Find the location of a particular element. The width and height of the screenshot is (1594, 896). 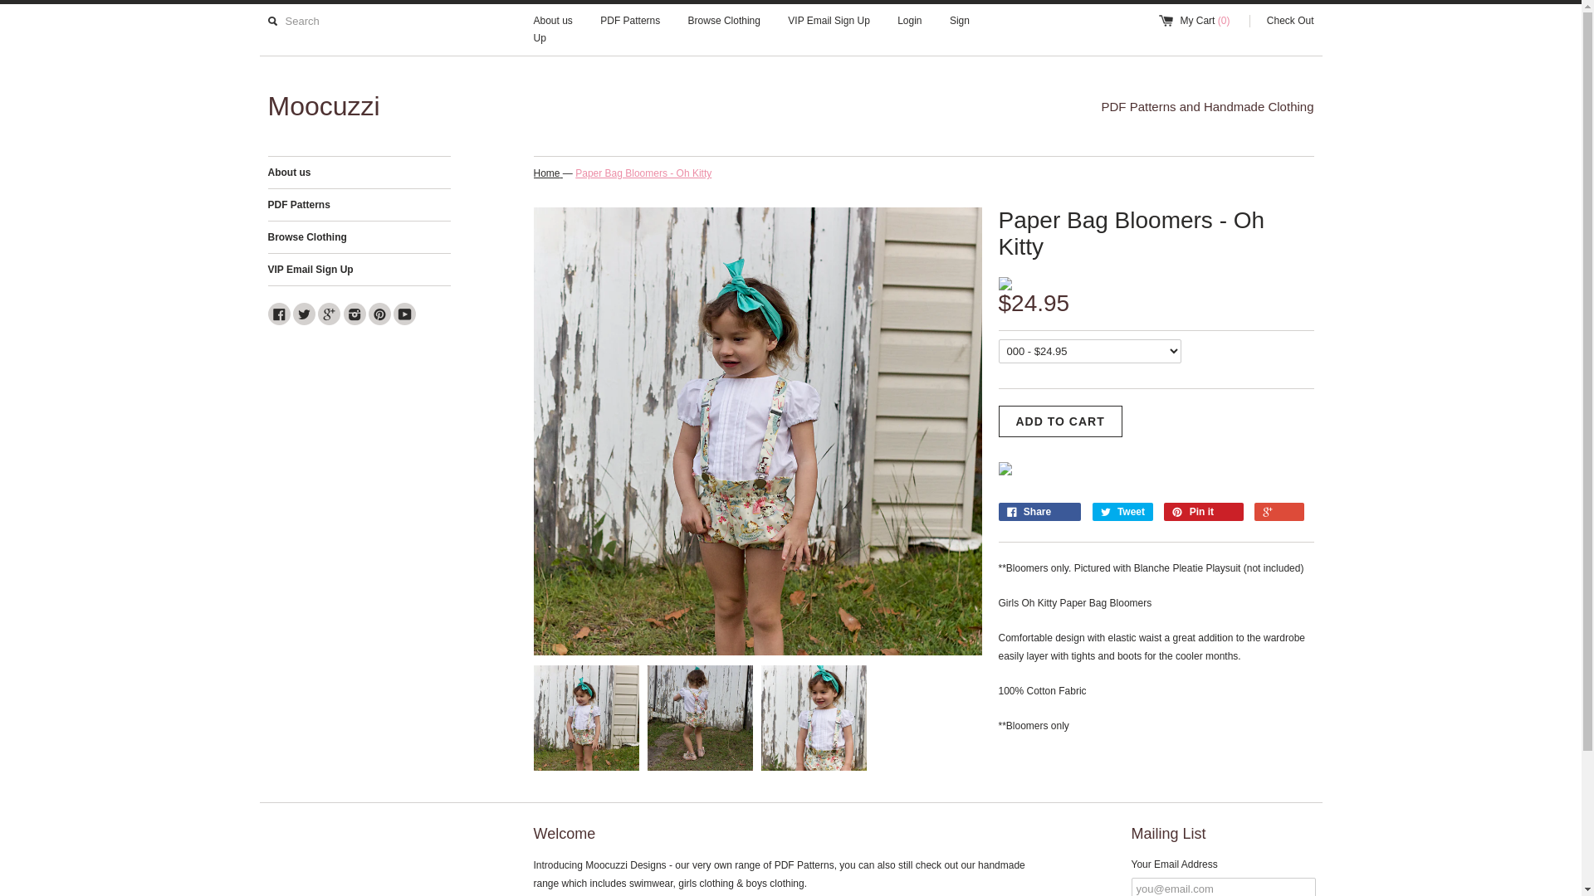

'Home' is located at coordinates (533, 173).